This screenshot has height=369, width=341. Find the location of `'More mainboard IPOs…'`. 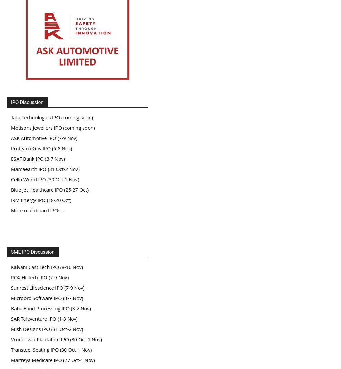

'More mainboard IPOs…' is located at coordinates (37, 210).